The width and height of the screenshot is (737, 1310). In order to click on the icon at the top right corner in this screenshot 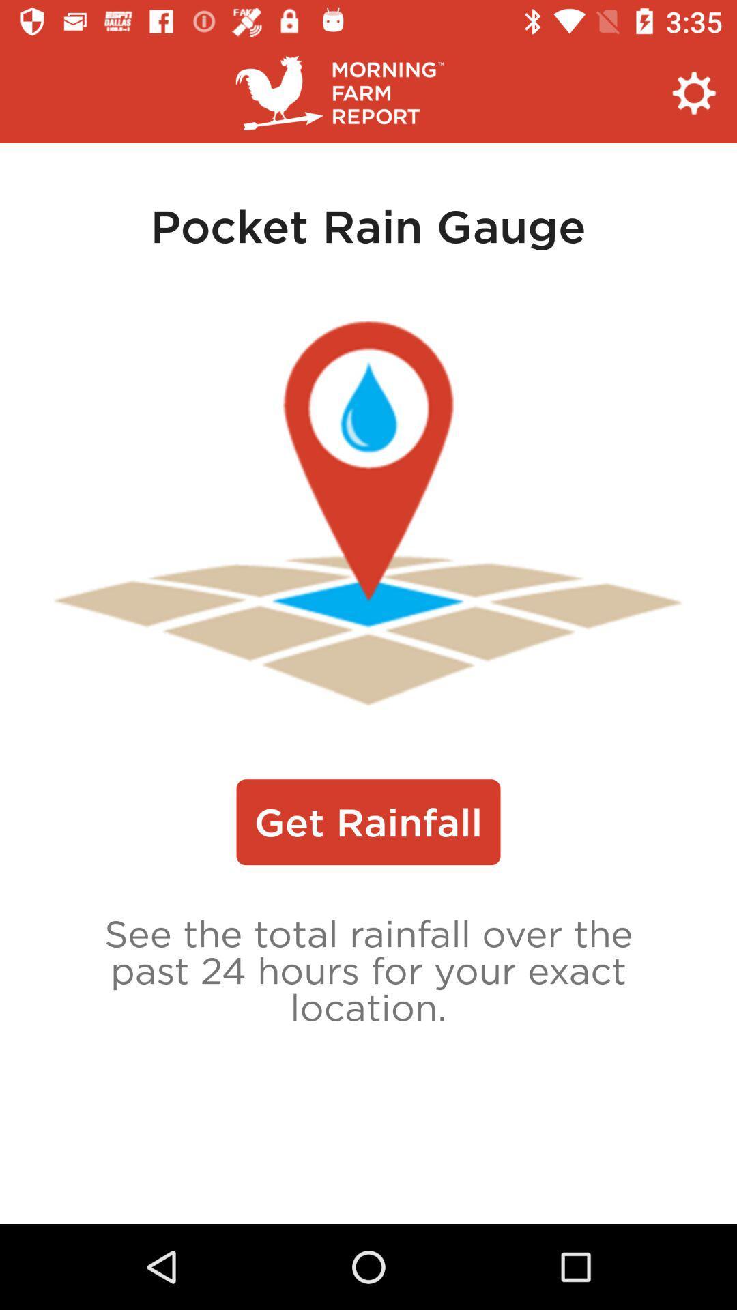, I will do `click(694, 92)`.